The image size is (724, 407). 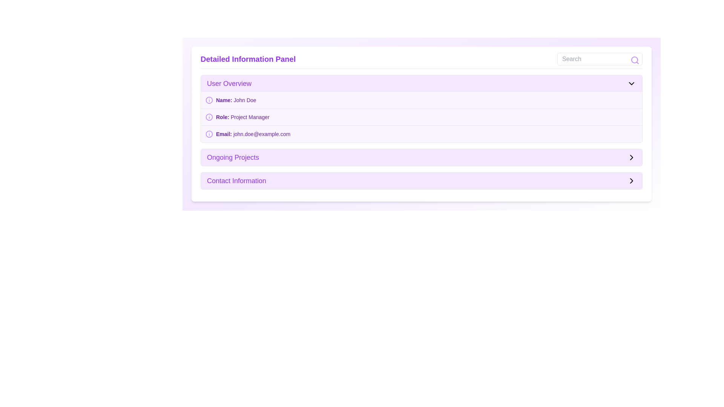 What do you see at coordinates (635, 60) in the screenshot?
I see `the Search Button Icon, which is represented by a purple magnifying glass symbol with a thin circular outline, located at the top-right corner of the search input field` at bounding box center [635, 60].